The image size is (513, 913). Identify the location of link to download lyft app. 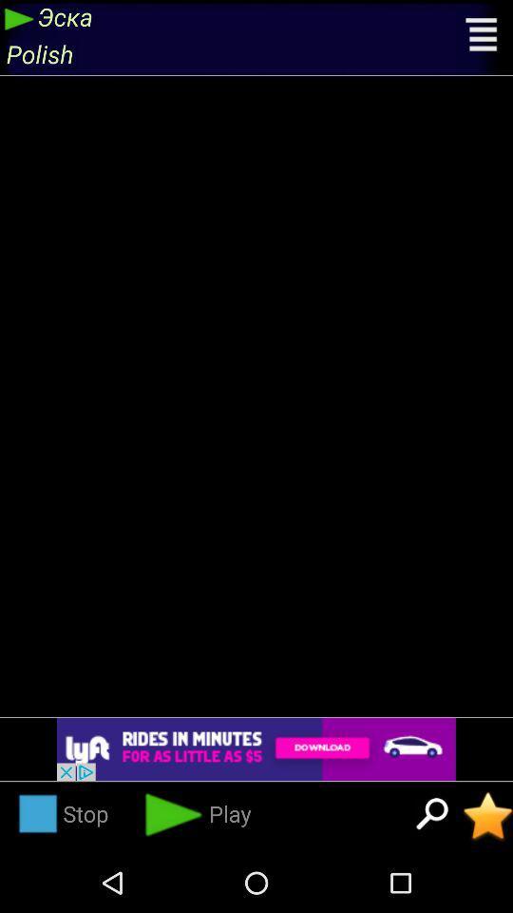
(256, 749).